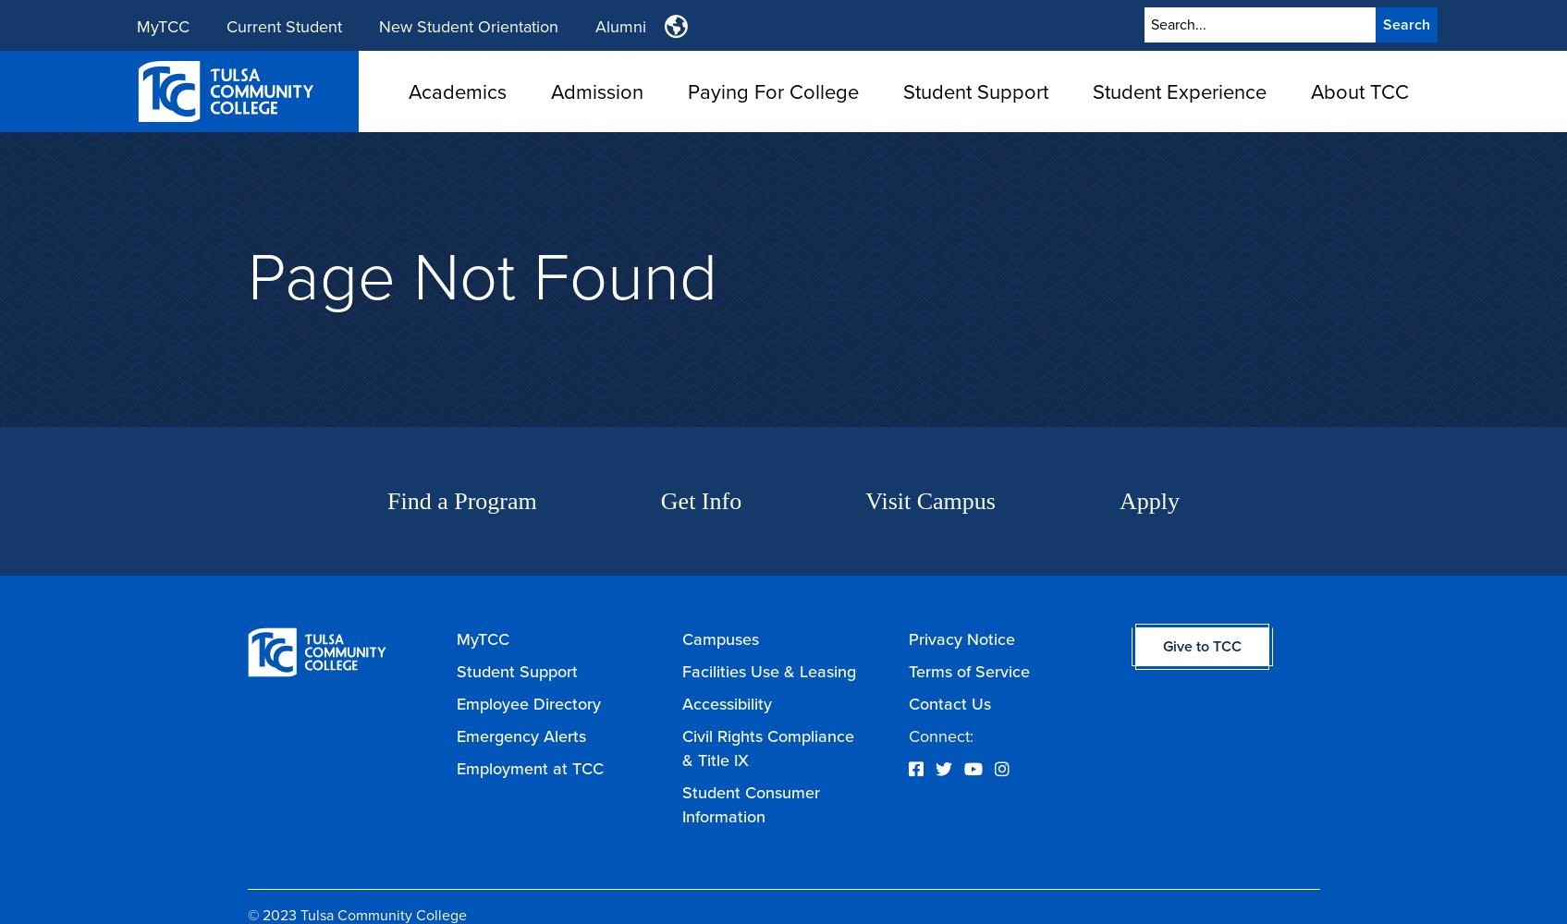  Describe the element at coordinates (460, 501) in the screenshot. I see `'Find a Program'` at that location.